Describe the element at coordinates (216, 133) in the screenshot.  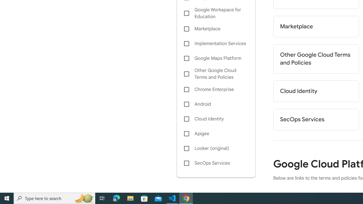
I see `'Apigee'` at that location.